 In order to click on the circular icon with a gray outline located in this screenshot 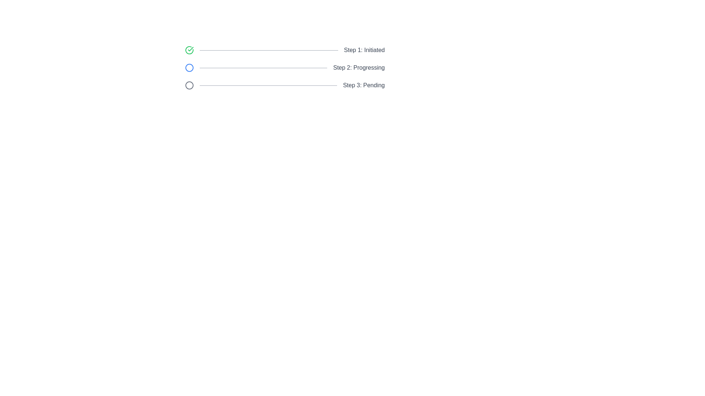, I will do `click(189, 85)`.